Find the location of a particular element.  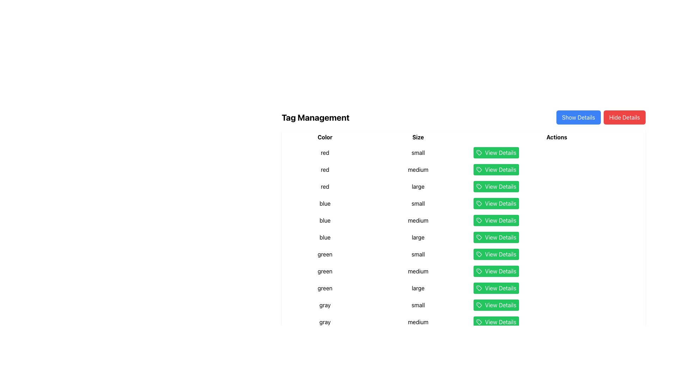

the 'View Details' button in the 'large' row of the 'Tag Management' table, which is positioned between the 'green medium' and 'gray small' rows is located at coordinates (464, 288).